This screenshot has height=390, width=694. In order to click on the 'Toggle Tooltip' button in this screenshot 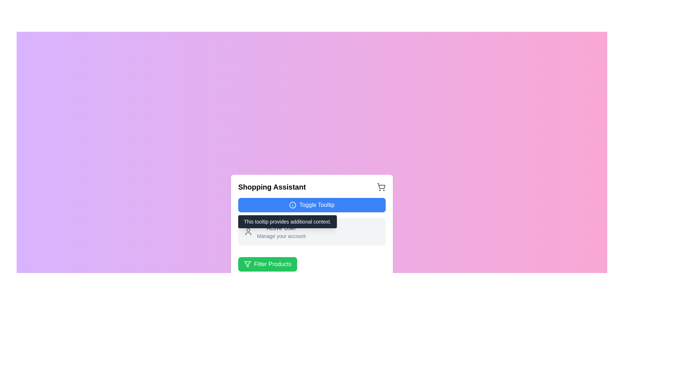, I will do `click(293, 205)`.